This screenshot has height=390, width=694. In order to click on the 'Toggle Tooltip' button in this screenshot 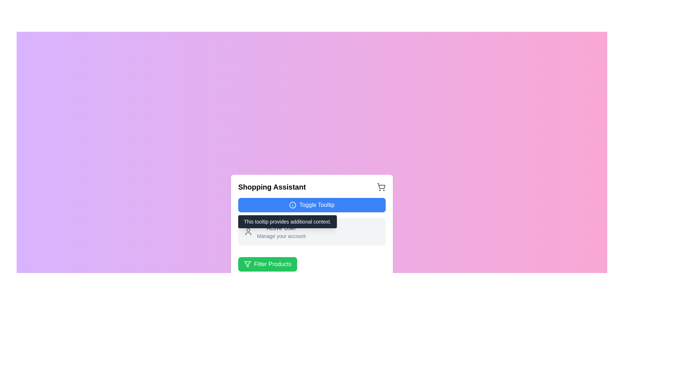, I will do `click(293, 205)`.